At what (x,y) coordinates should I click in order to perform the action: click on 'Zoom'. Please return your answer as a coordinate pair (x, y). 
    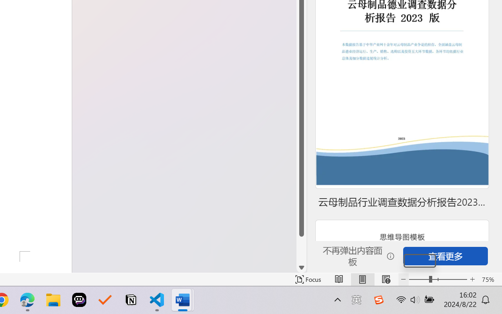
    Looking at the image, I should click on (437, 279).